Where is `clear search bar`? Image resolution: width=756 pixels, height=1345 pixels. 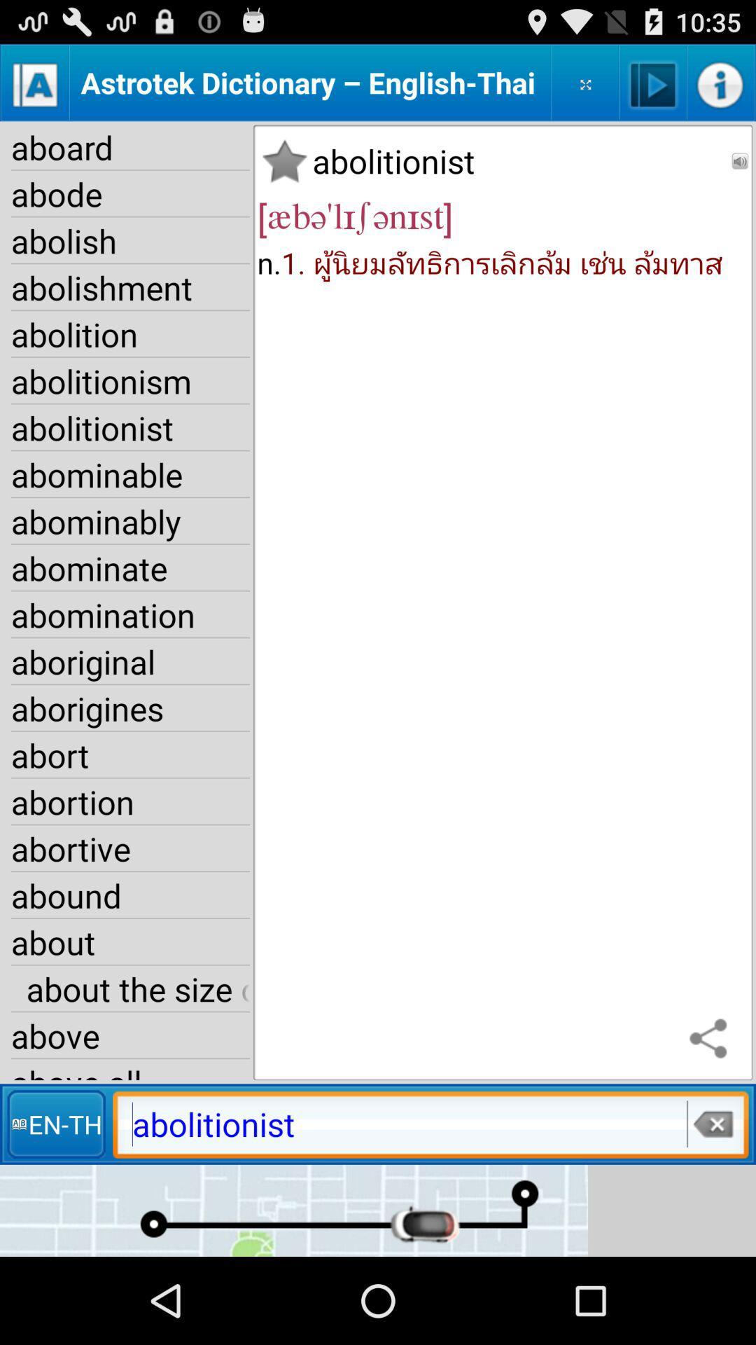
clear search bar is located at coordinates (712, 1124).